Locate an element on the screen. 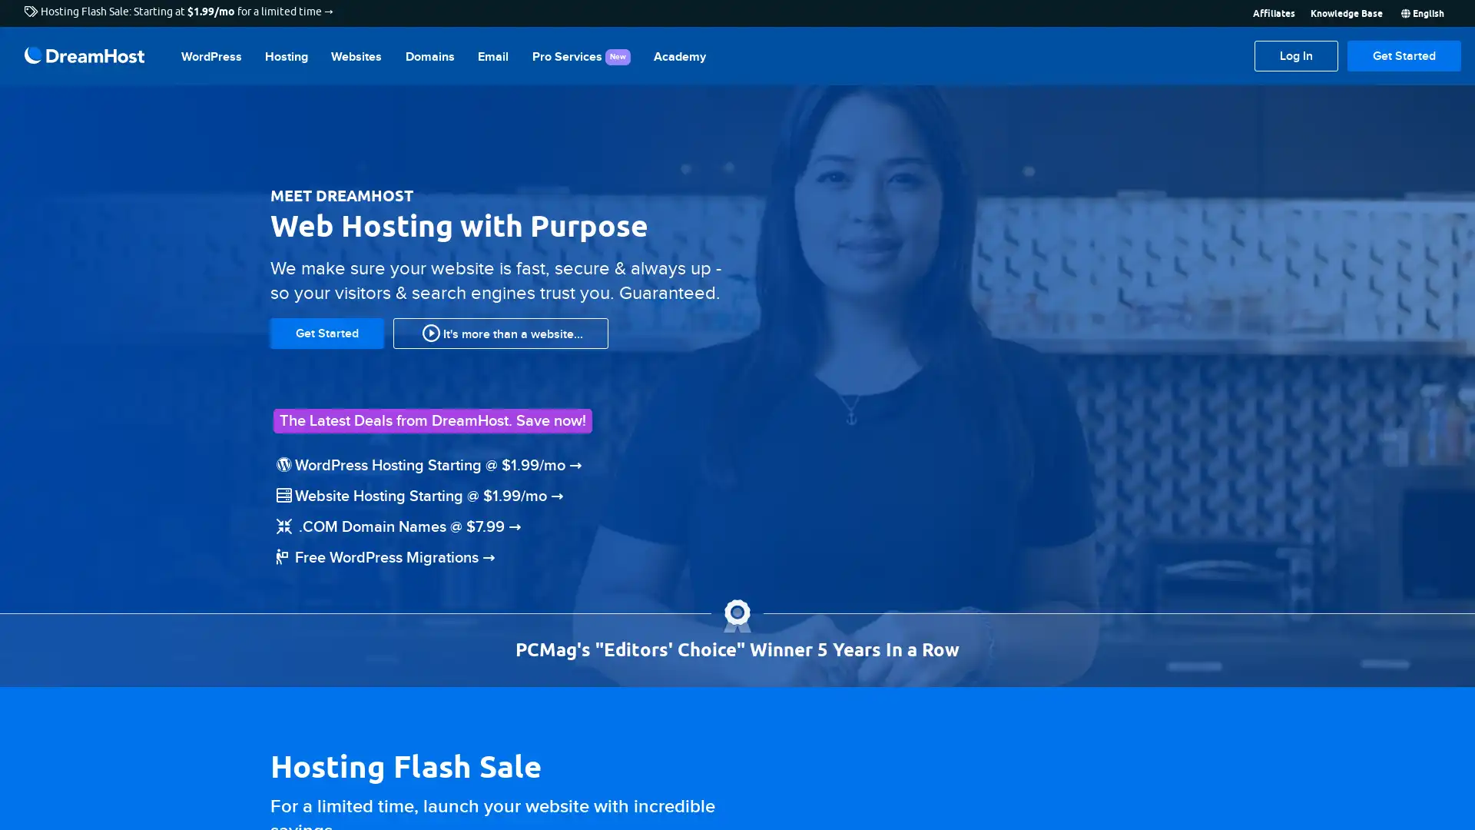 This screenshot has width=1475, height=830. Get Started is located at coordinates (1404, 55).